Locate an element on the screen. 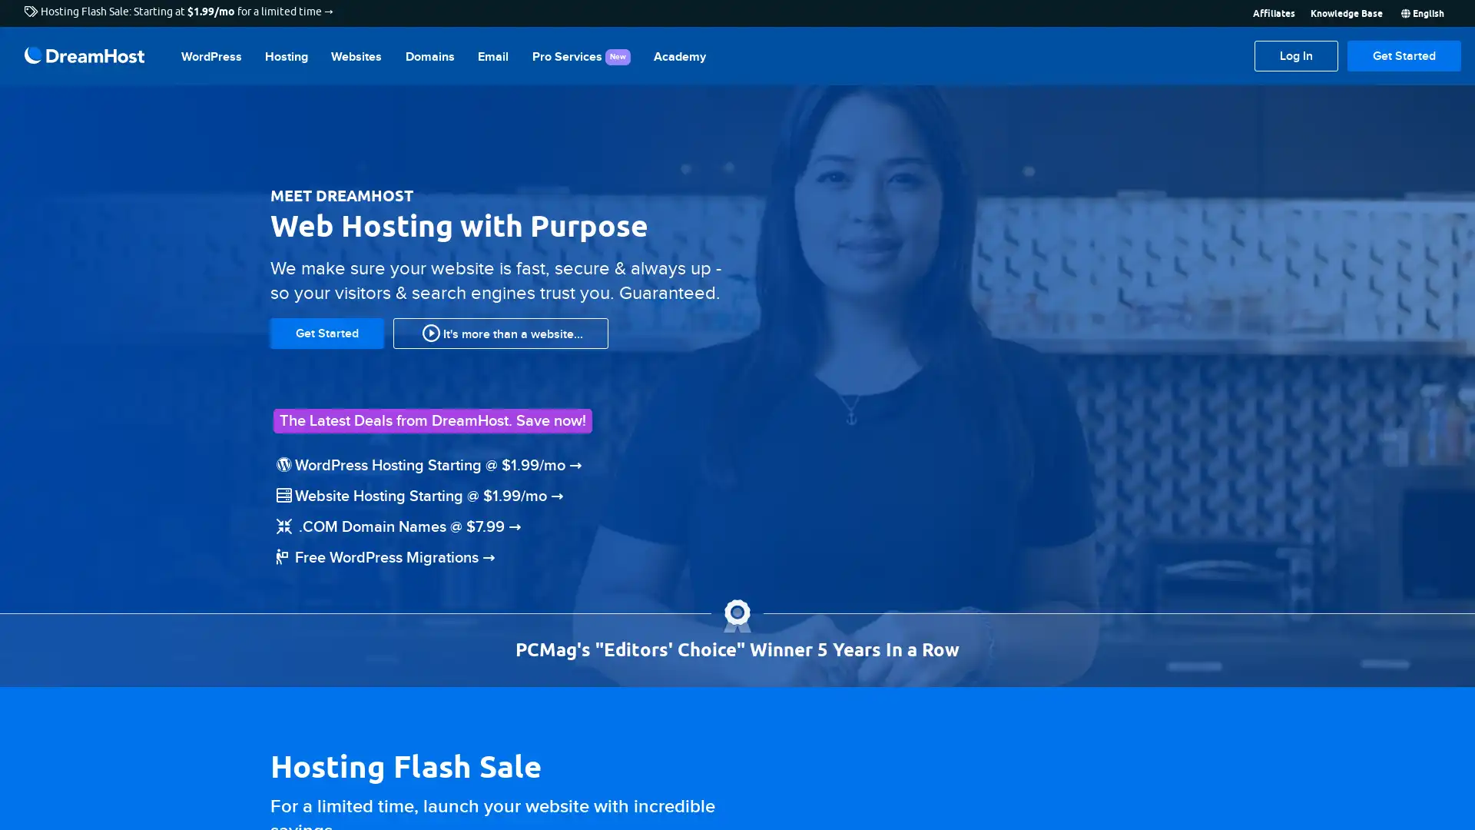 This screenshot has width=1475, height=830. Get Started is located at coordinates (1404, 55).